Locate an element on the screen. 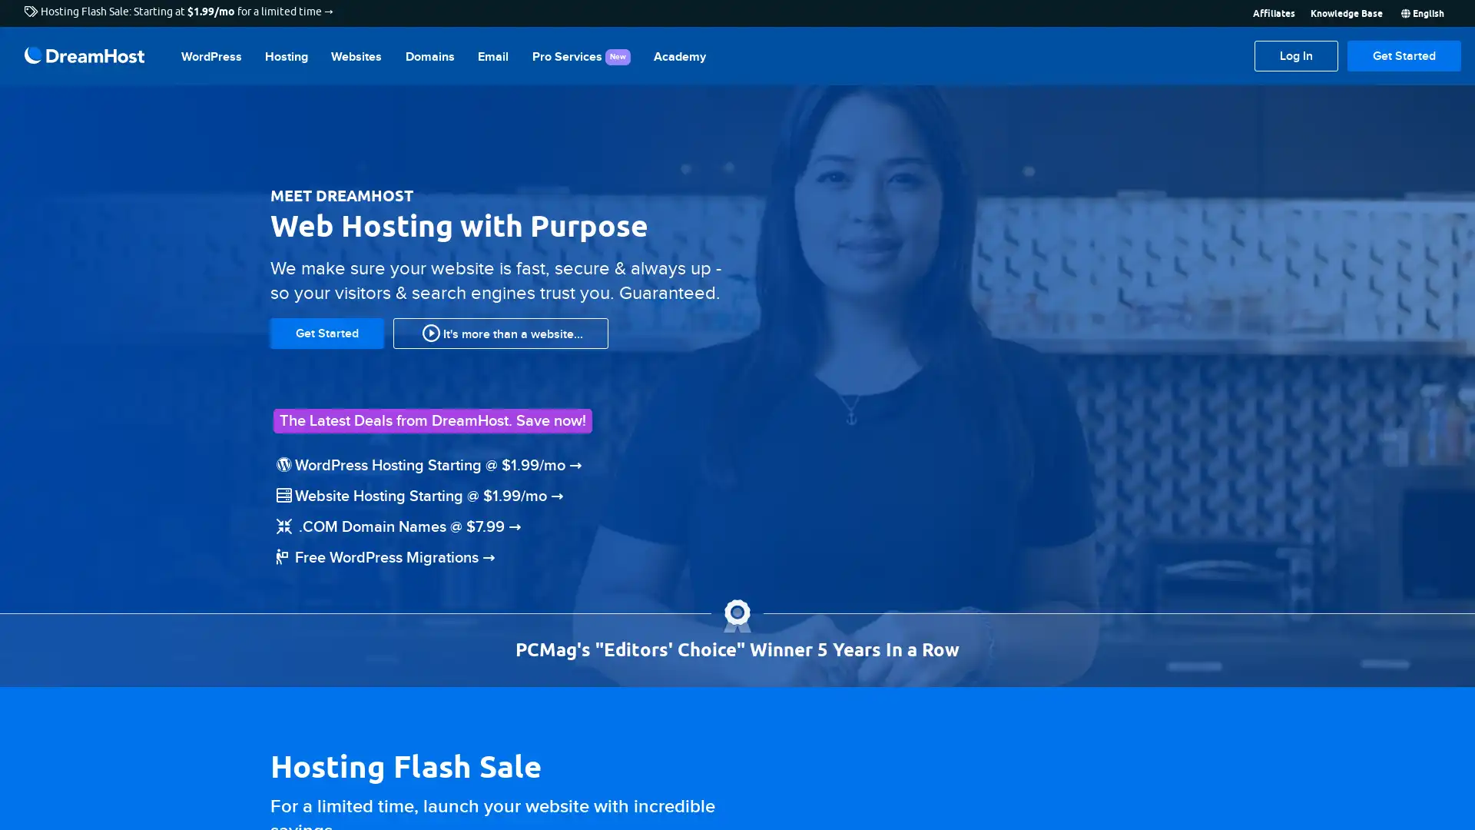 This screenshot has width=1475, height=830. Get Started is located at coordinates (1404, 55).